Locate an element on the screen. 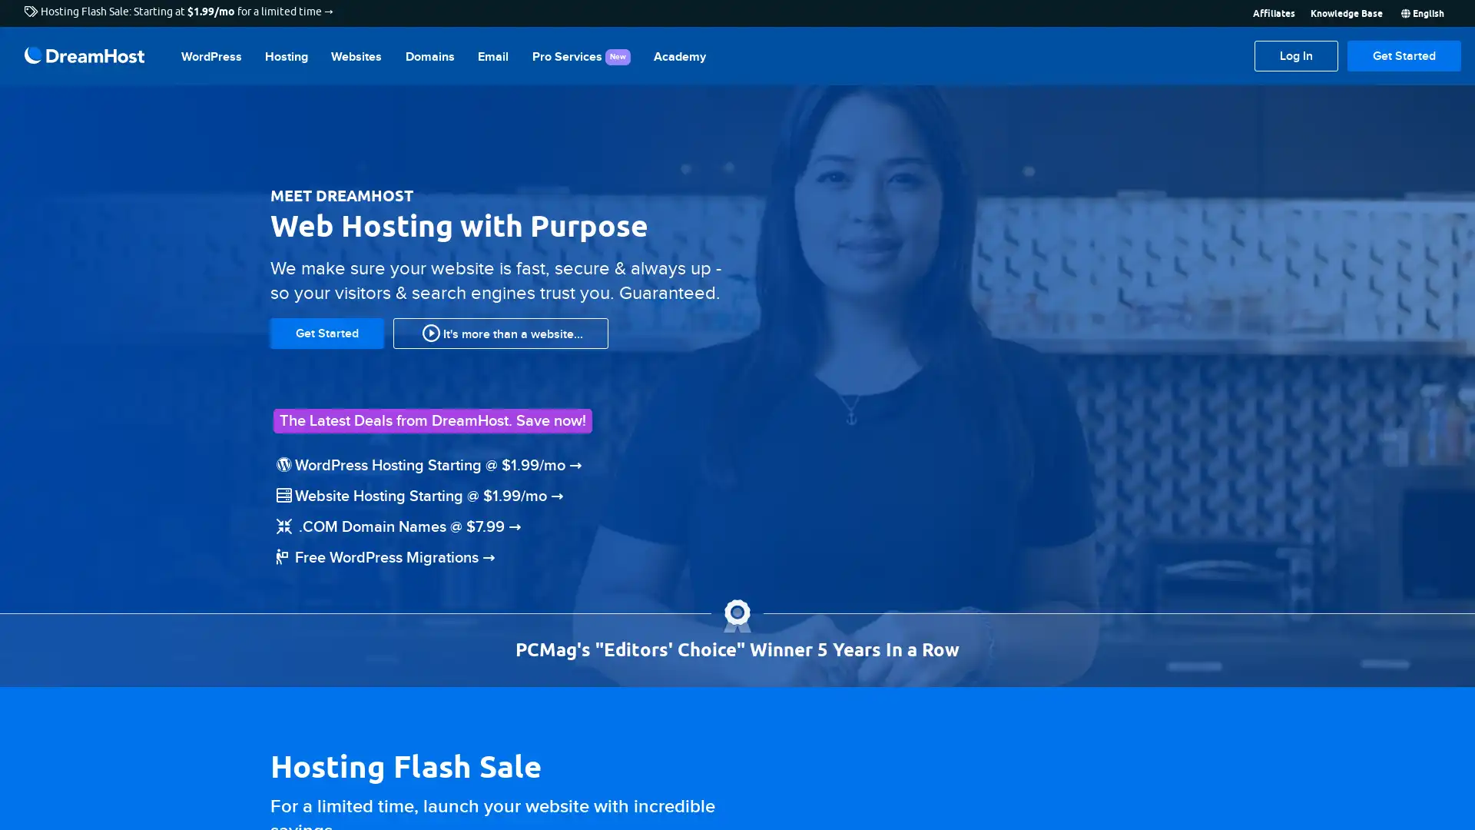 This screenshot has width=1475, height=830. Get Started is located at coordinates (1404, 55).